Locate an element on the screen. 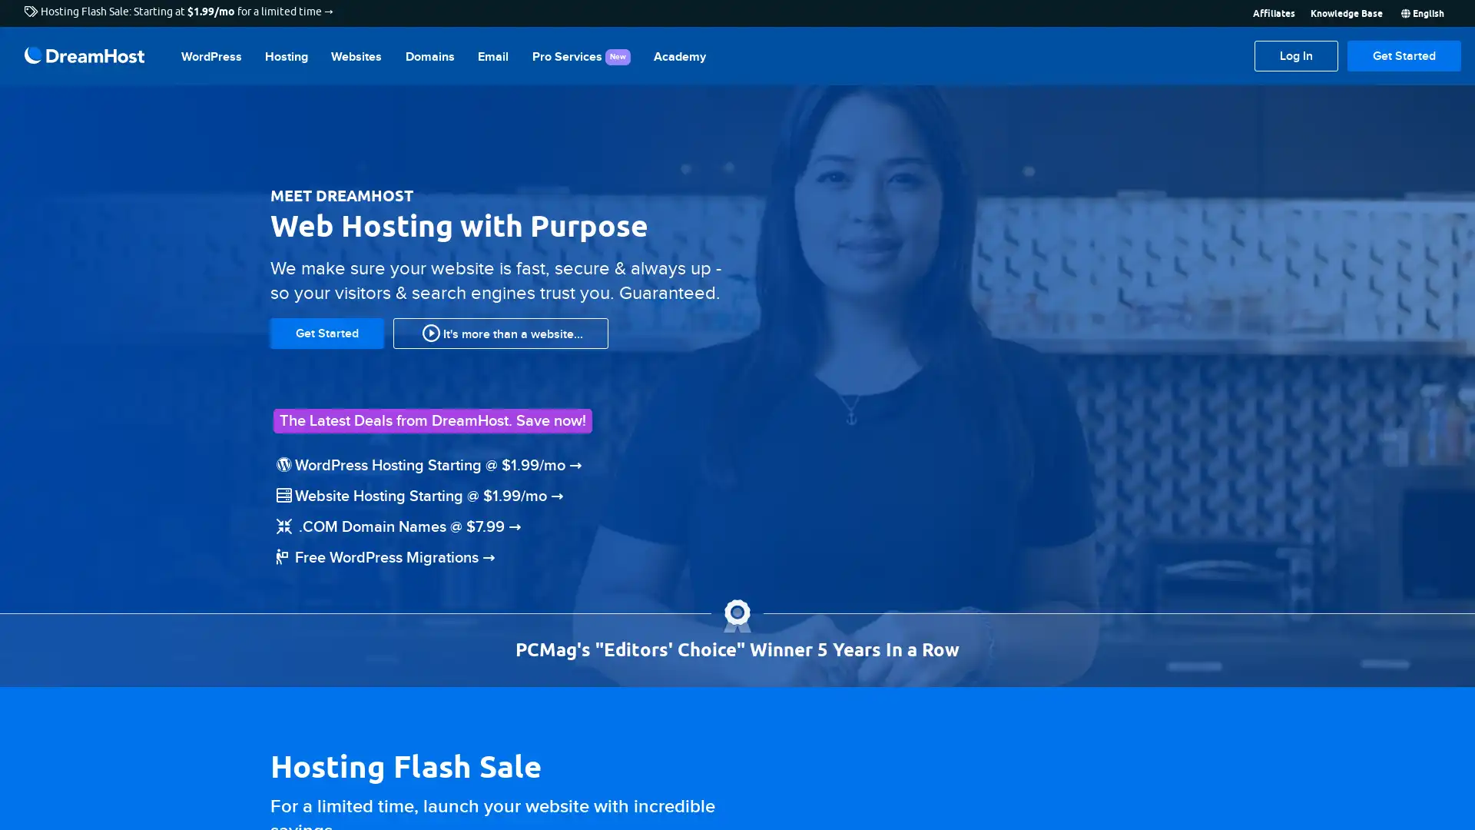 This screenshot has width=1475, height=830. Get Started is located at coordinates (1404, 55).